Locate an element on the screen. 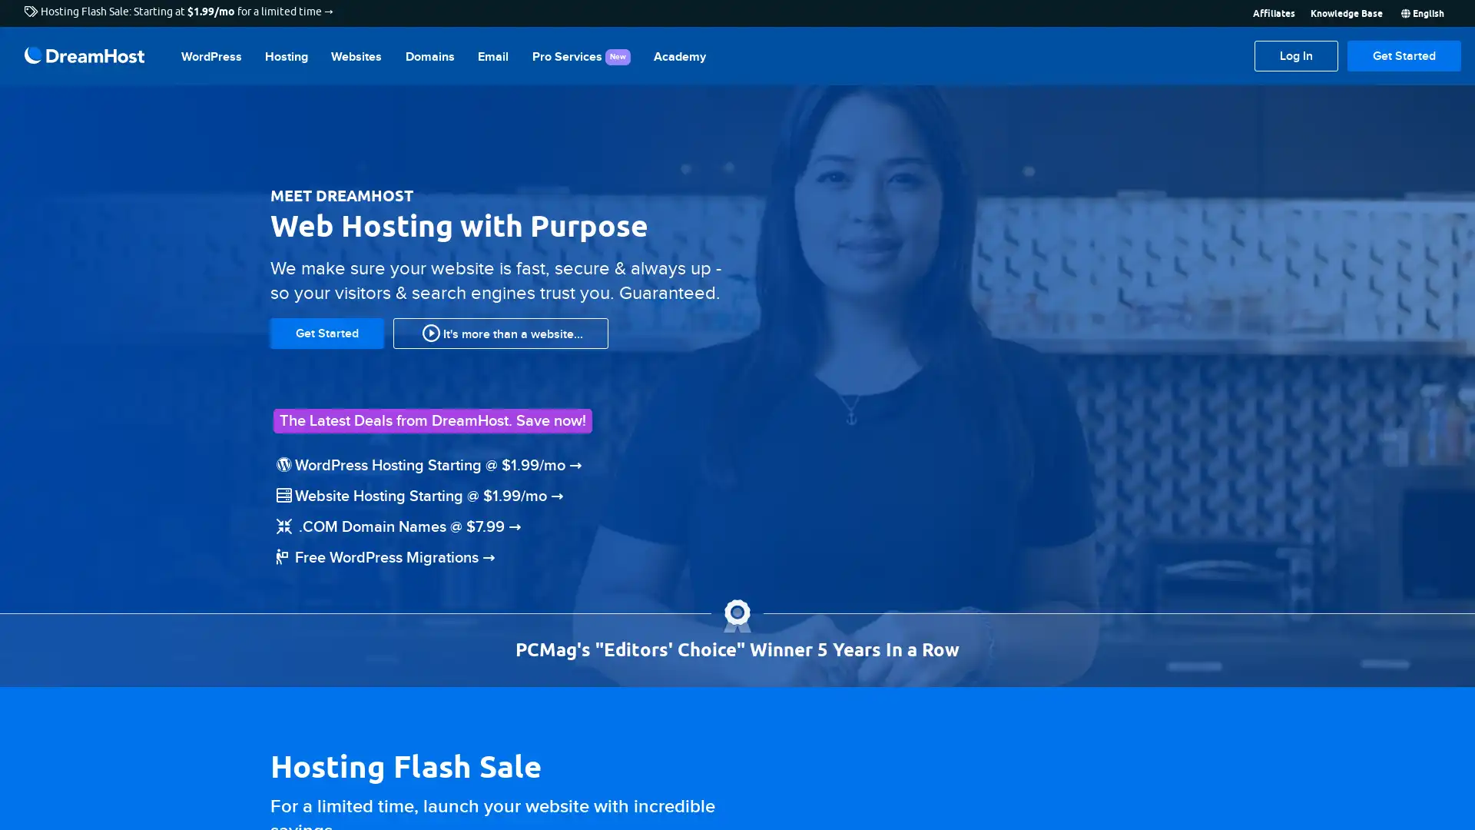 This screenshot has width=1475, height=830. Get Started is located at coordinates (1404, 55).